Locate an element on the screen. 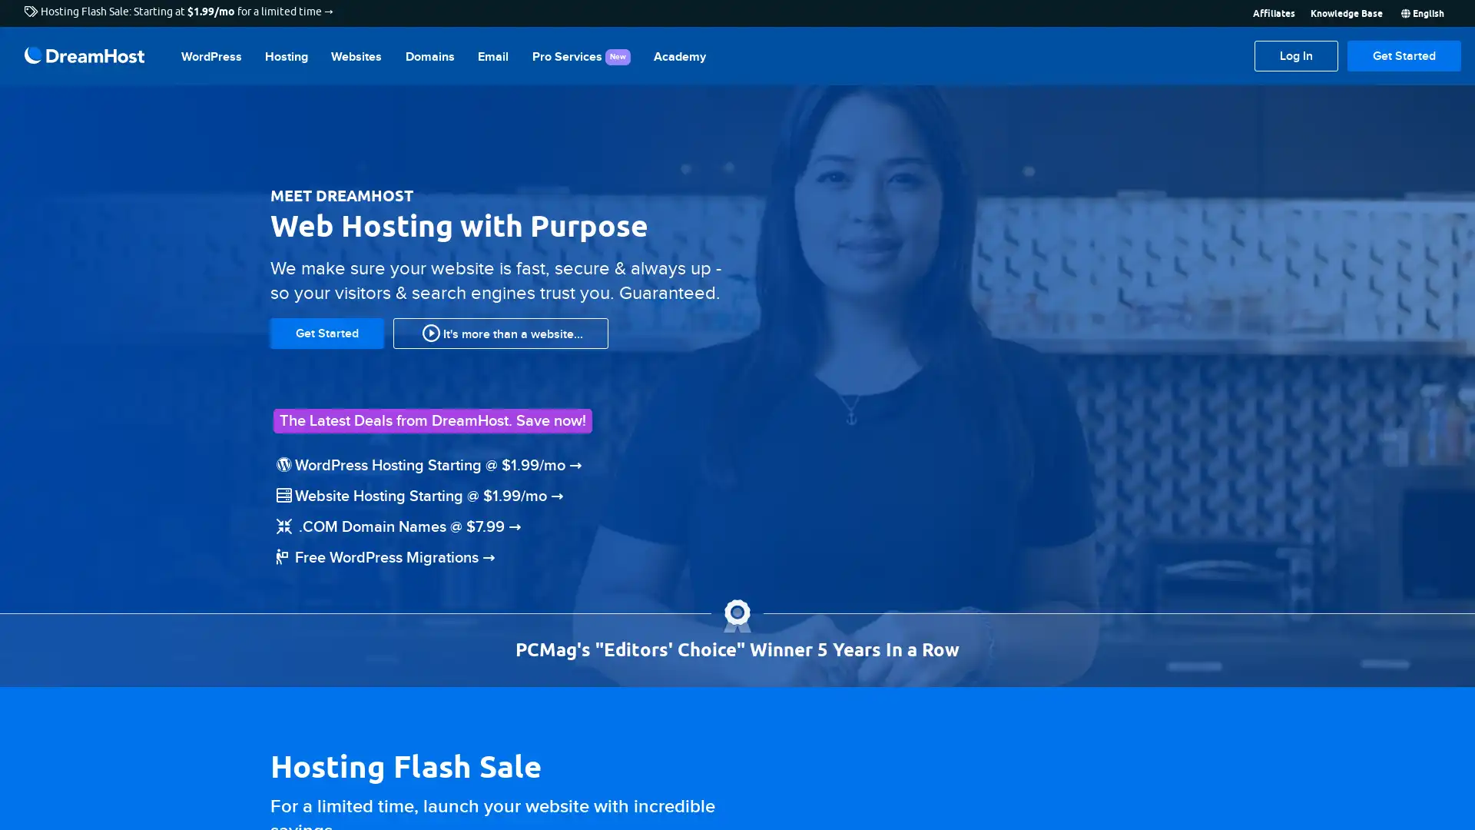 This screenshot has width=1475, height=830. Get Started is located at coordinates (1404, 55).